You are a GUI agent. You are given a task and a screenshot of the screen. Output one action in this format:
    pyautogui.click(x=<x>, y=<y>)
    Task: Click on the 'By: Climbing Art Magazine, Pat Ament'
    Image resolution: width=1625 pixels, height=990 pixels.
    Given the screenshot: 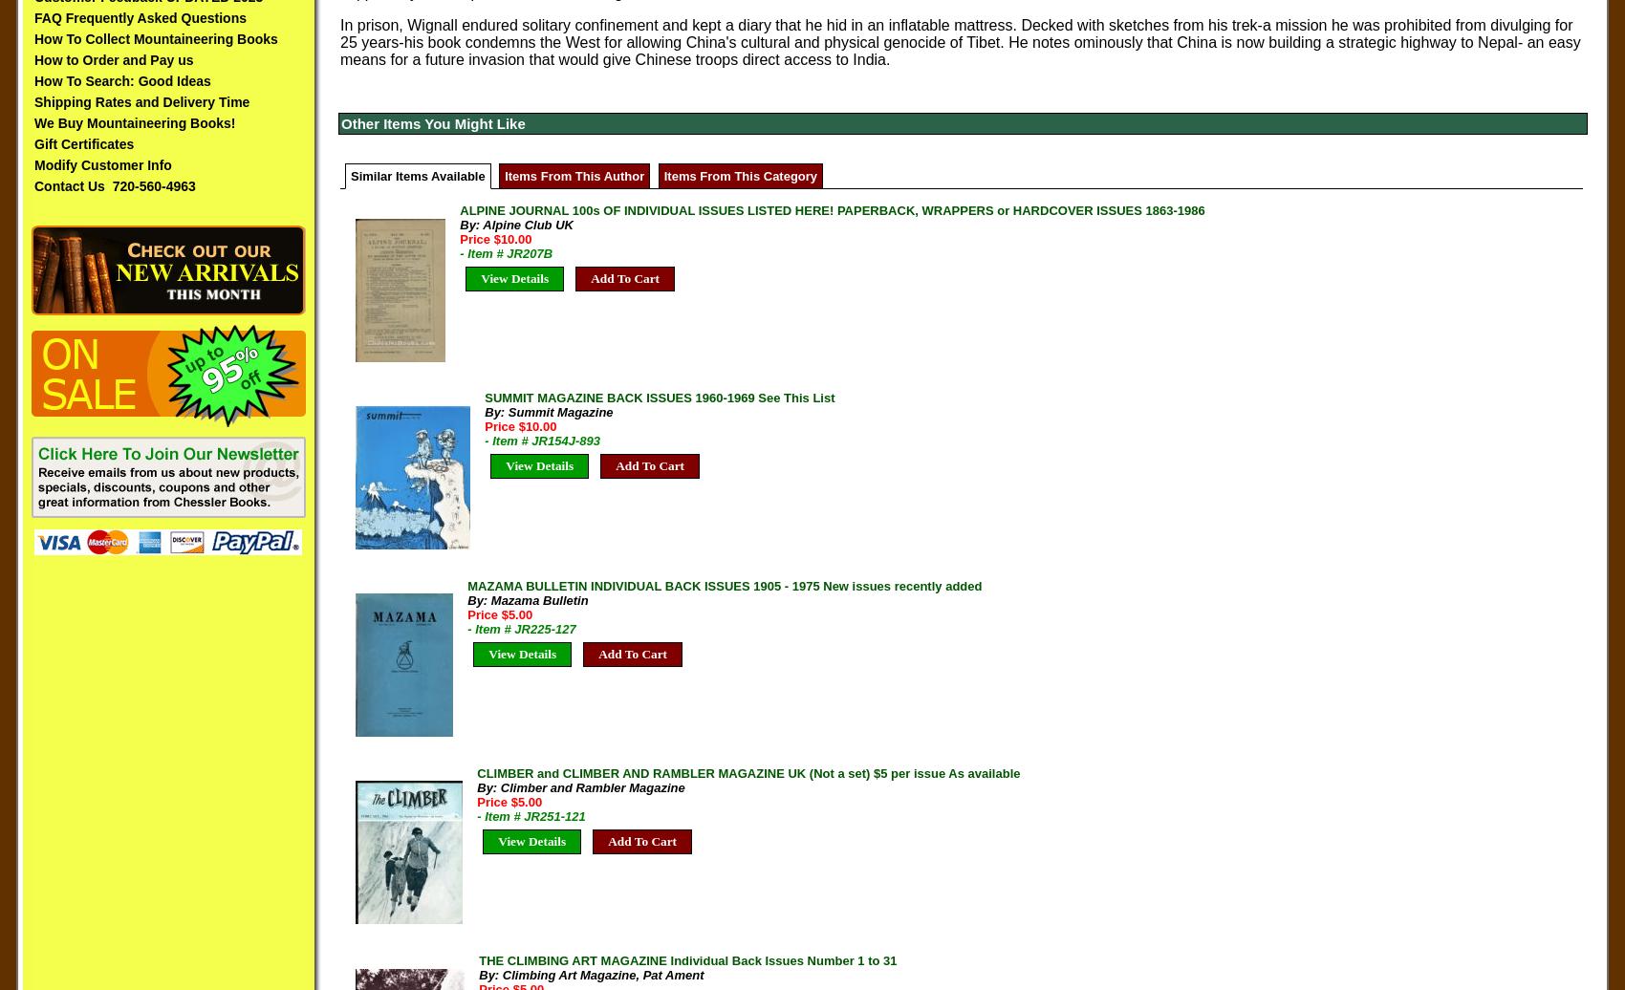 What is the action you would take?
    pyautogui.click(x=590, y=975)
    